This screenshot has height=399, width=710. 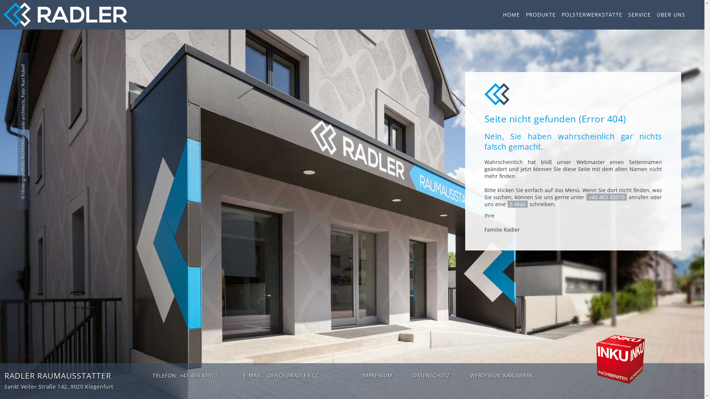 I want to click on 'OFFICE@RADLER.CC', so click(x=293, y=375).